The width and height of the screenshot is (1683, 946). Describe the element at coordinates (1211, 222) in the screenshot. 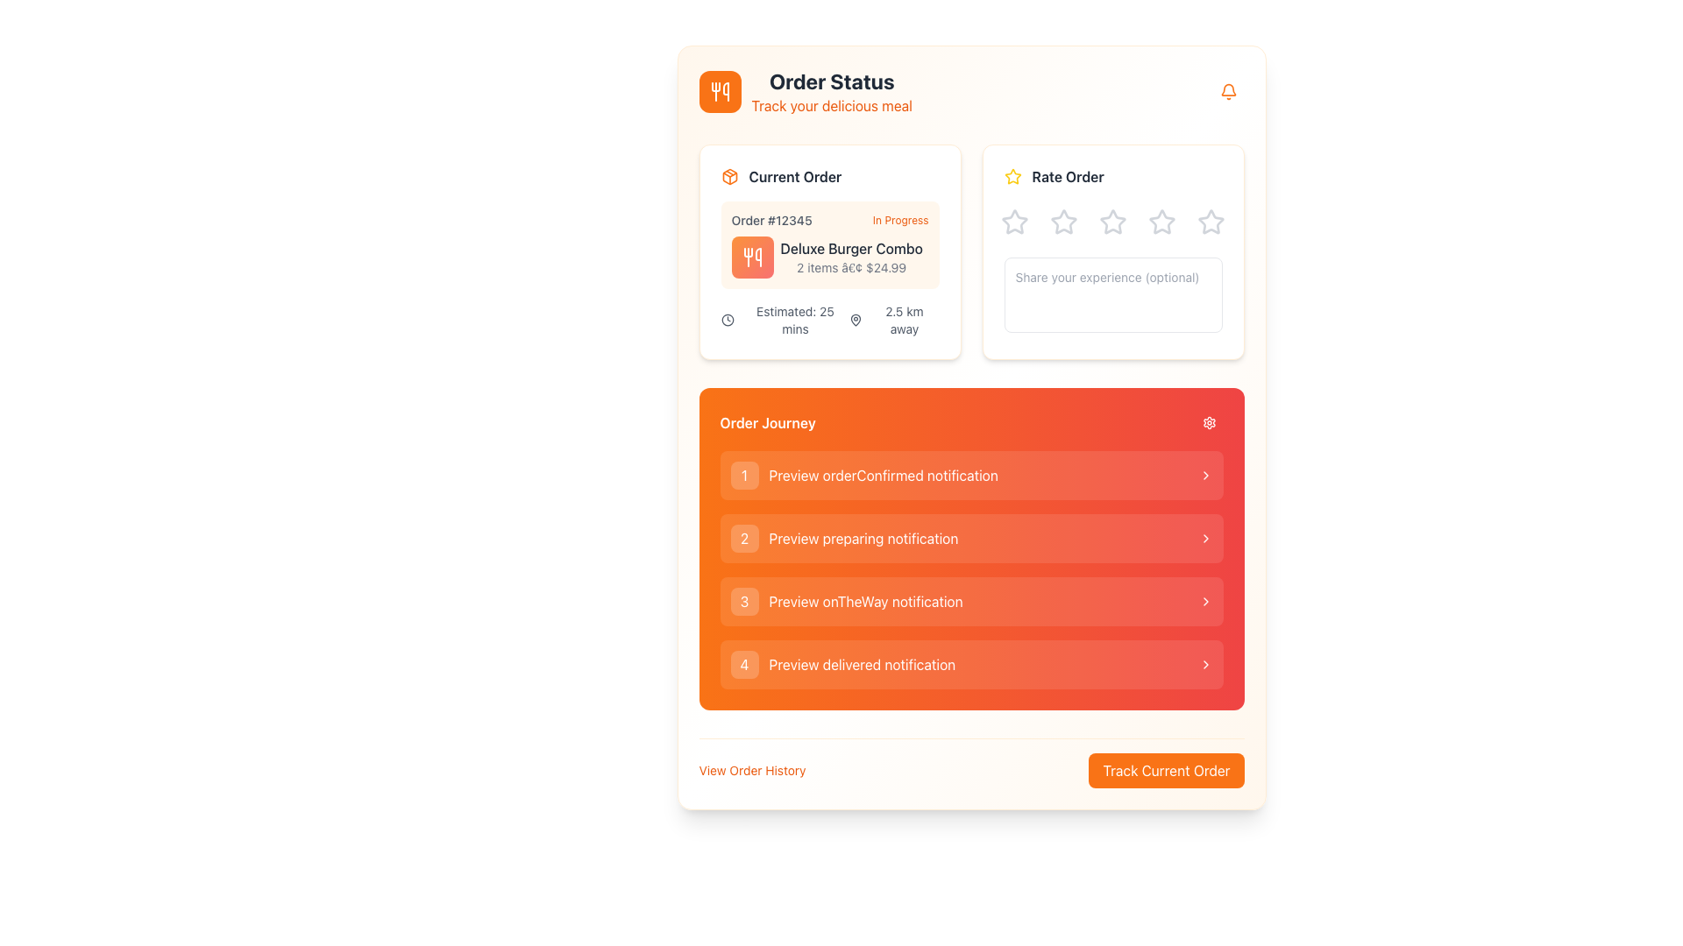

I see `the fifth star-shaped icon in the 'Rate Order' section to set the rating to five stars` at that location.